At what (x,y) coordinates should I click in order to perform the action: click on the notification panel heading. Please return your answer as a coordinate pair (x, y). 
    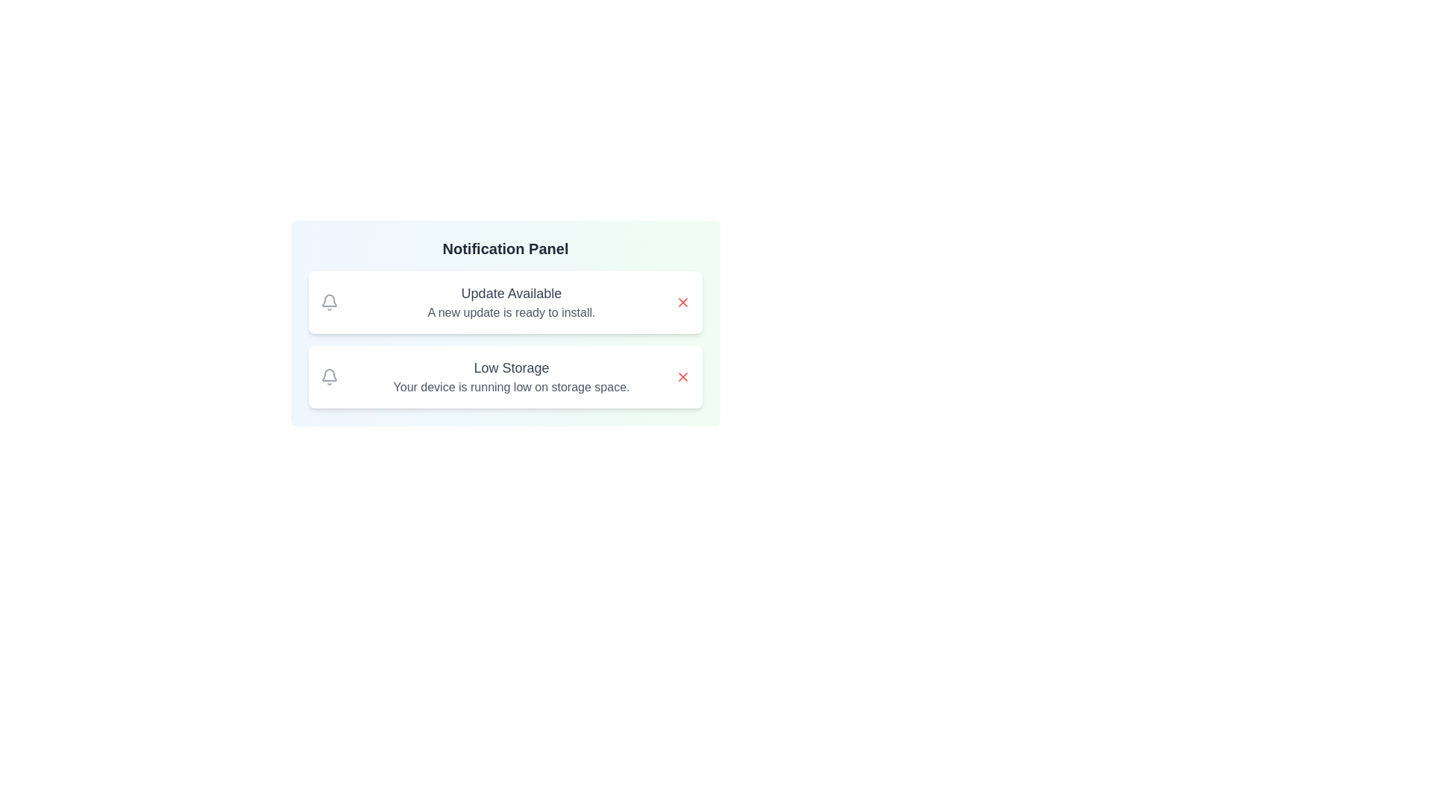
    Looking at the image, I should click on (505, 248).